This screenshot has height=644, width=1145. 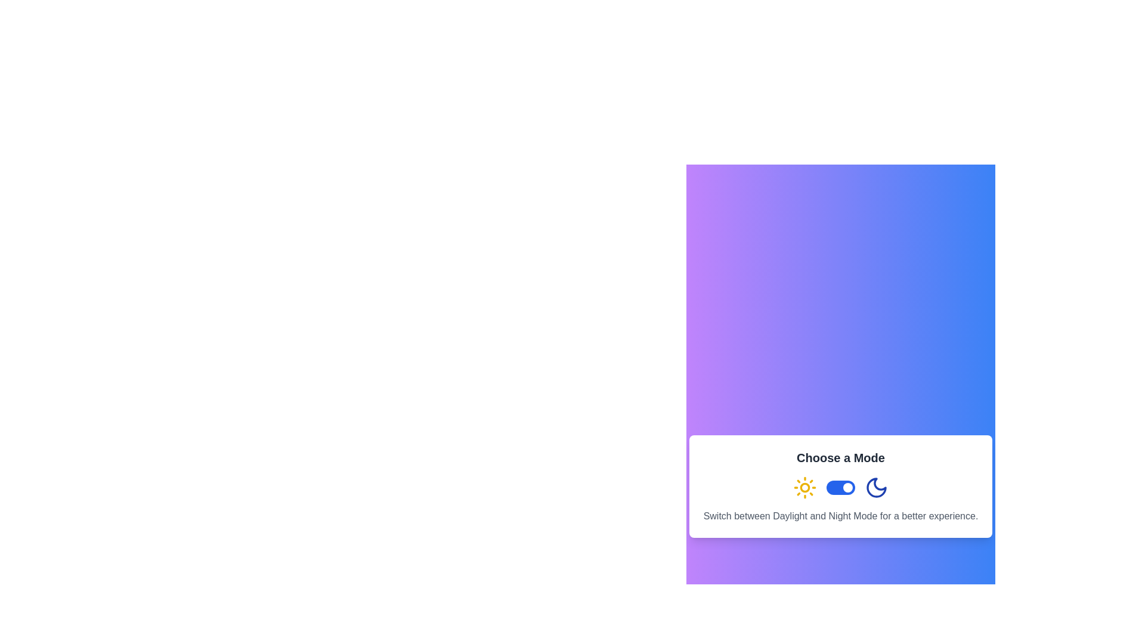 What do you see at coordinates (847, 487) in the screenshot?
I see `the interactive toggle knob located on the horizontal switch underneath 'Choose a Mode'` at bounding box center [847, 487].